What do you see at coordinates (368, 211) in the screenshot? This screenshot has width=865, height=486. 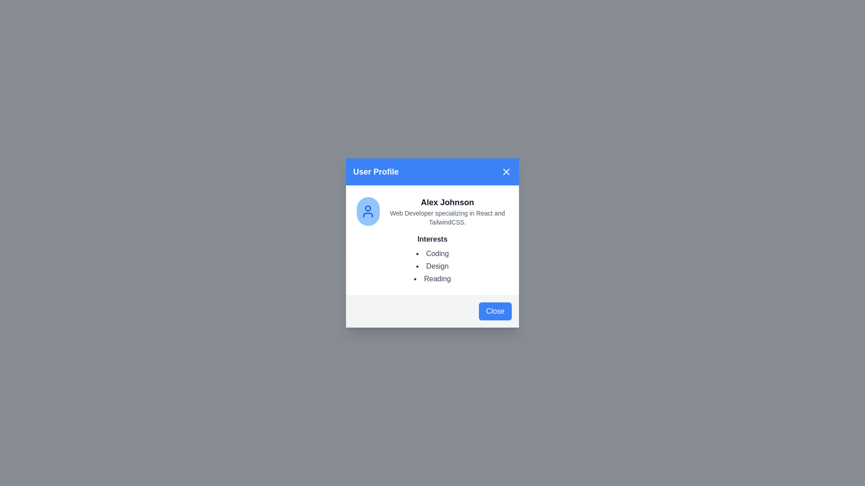 I see `the user's avatar display located in the top-left corner of the profile information card` at bounding box center [368, 211].